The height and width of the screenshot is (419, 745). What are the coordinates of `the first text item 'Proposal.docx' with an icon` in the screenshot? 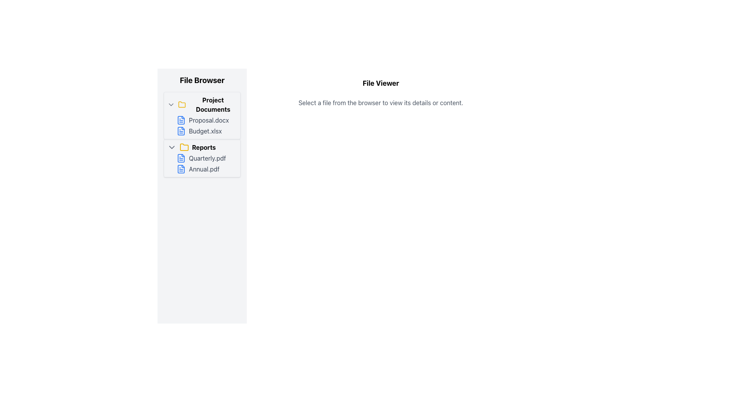 It's located at (207, 120).